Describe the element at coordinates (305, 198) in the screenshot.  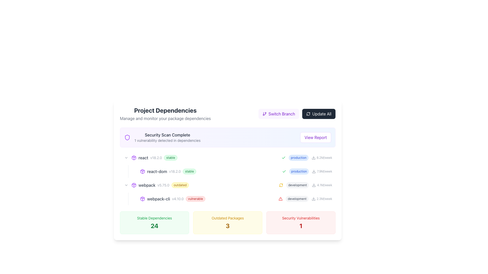
I see `the text label indicating 'development' with a weekly download count of 2.3M` at that location.